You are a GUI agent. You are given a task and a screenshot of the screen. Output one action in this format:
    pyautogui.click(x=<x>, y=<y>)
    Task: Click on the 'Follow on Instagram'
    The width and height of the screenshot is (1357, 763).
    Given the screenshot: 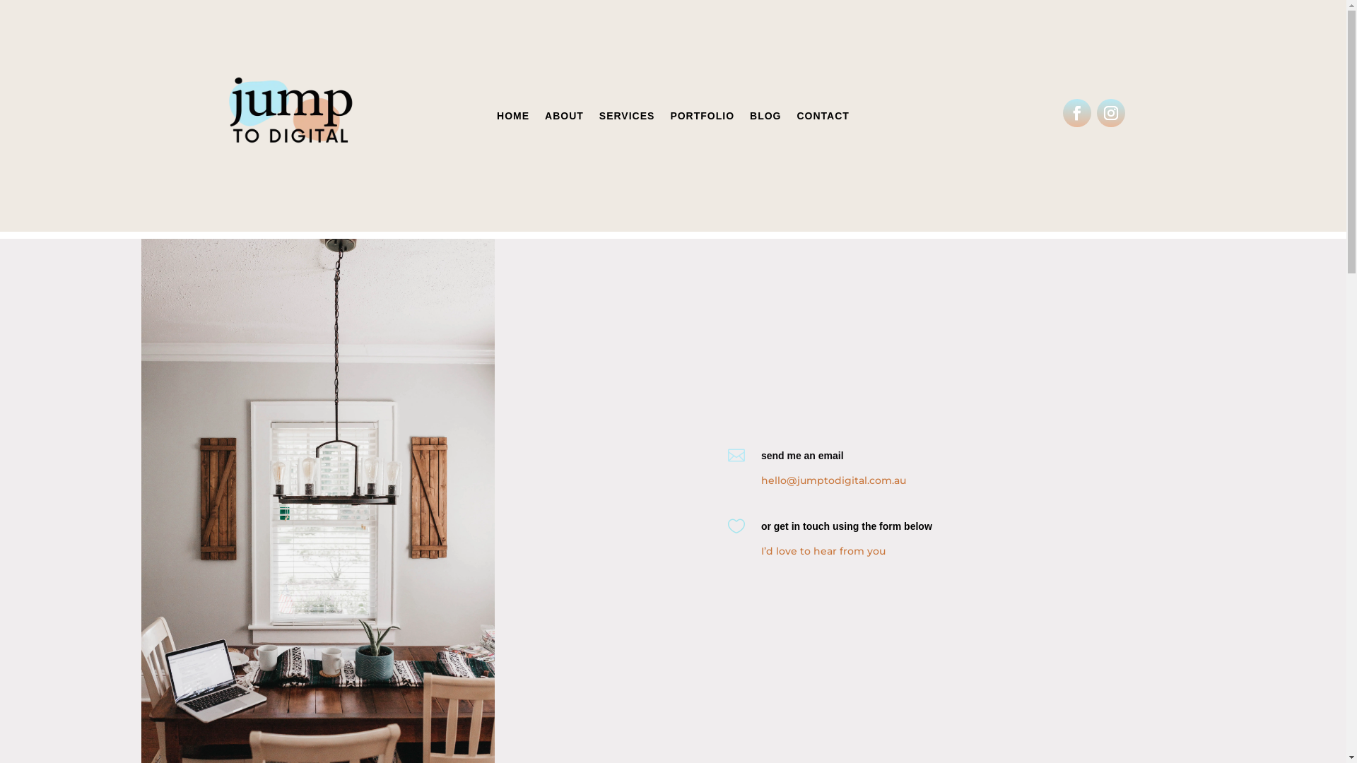 What is the action you would take?
    pyautogui.click(x=1110, y=112)
    